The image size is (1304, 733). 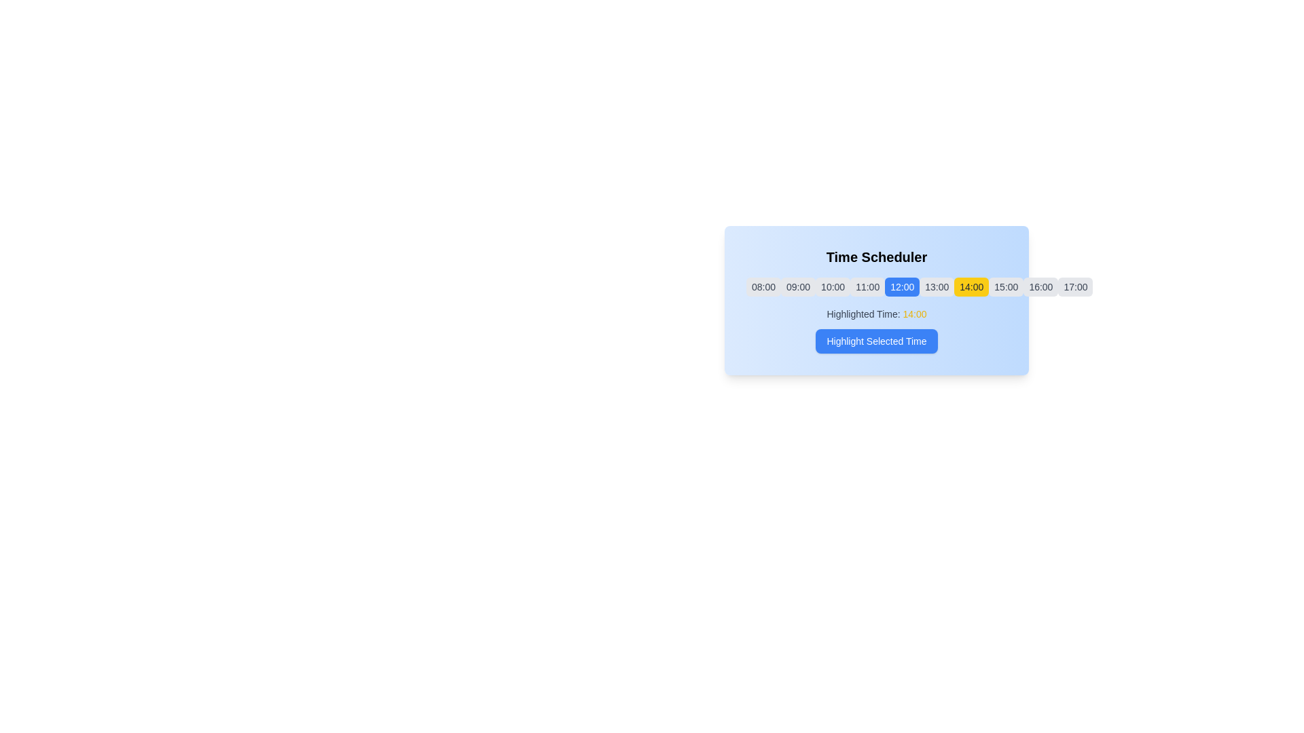 I want to click on text '14:00' which is styled in yellow color and bold font, located near the bottom center of the 'Time Scheduler' card, so click(x=915, y=314).